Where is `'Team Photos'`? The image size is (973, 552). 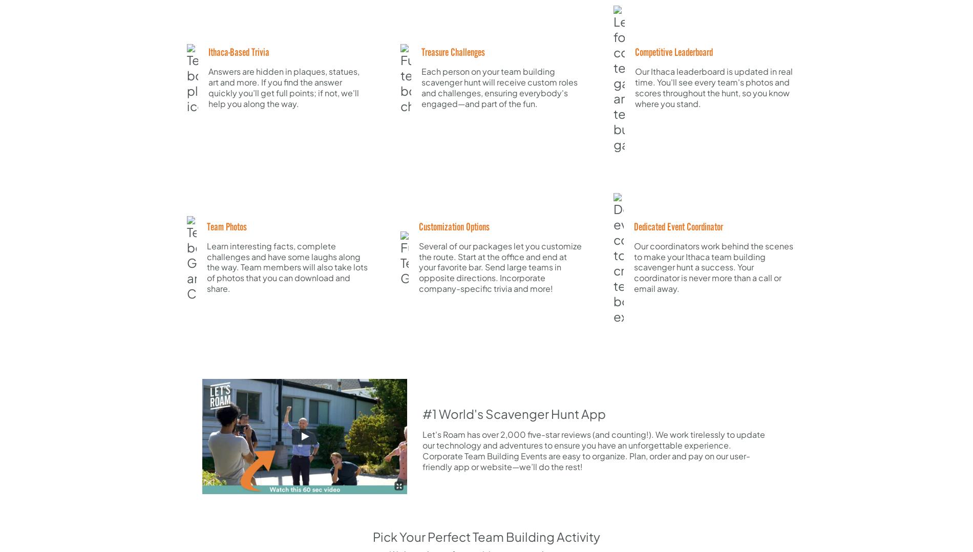
'Team Photos' is located at coordinates (226, 227).